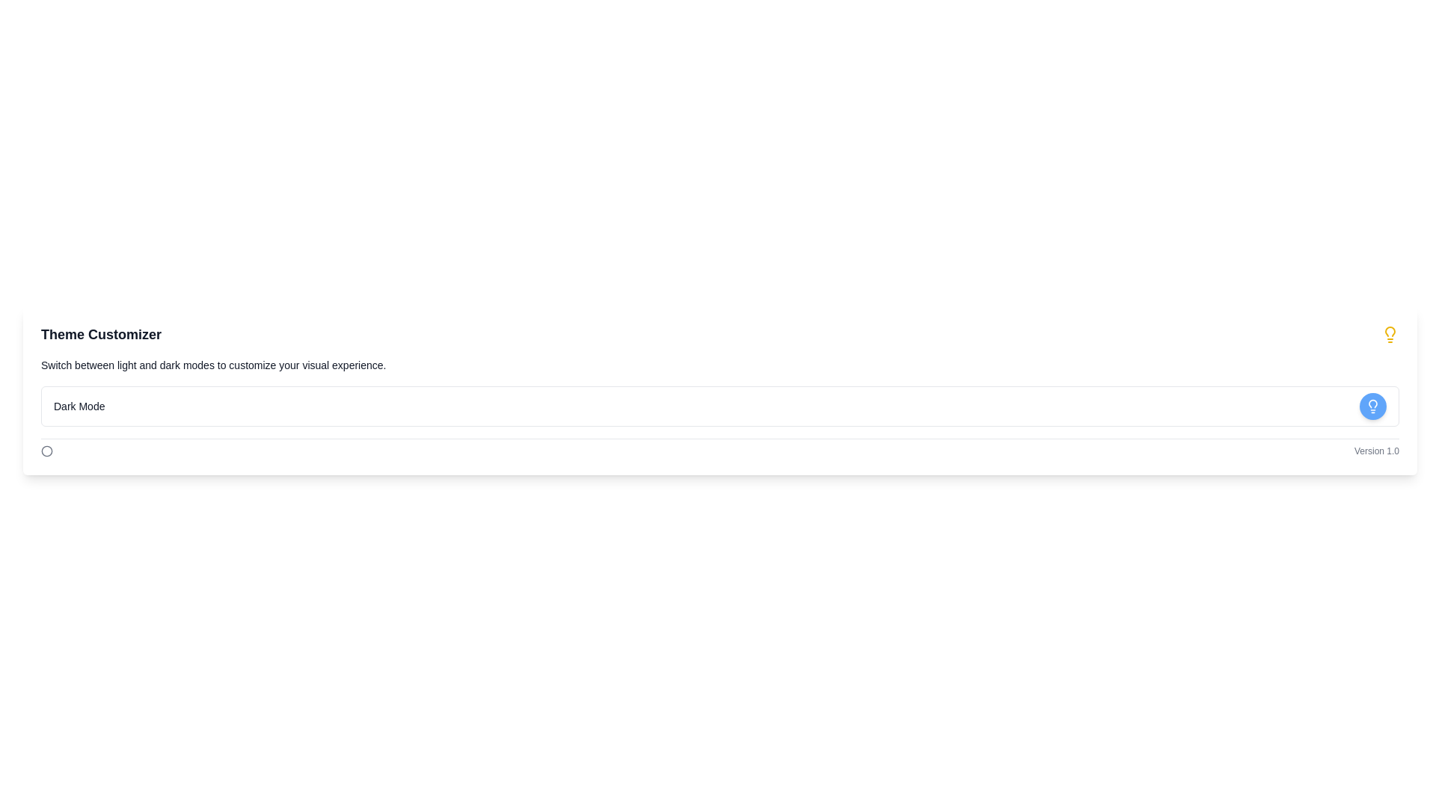 The height and width of the screenshot is (807, 1436). What do you see at coordinates (1373, 406) in the screenshot?
I see `the circular blue button with a white light bulb symbol located at the far-right edge of the 'Dark Mode' section` at bounding box center [1373, 406].